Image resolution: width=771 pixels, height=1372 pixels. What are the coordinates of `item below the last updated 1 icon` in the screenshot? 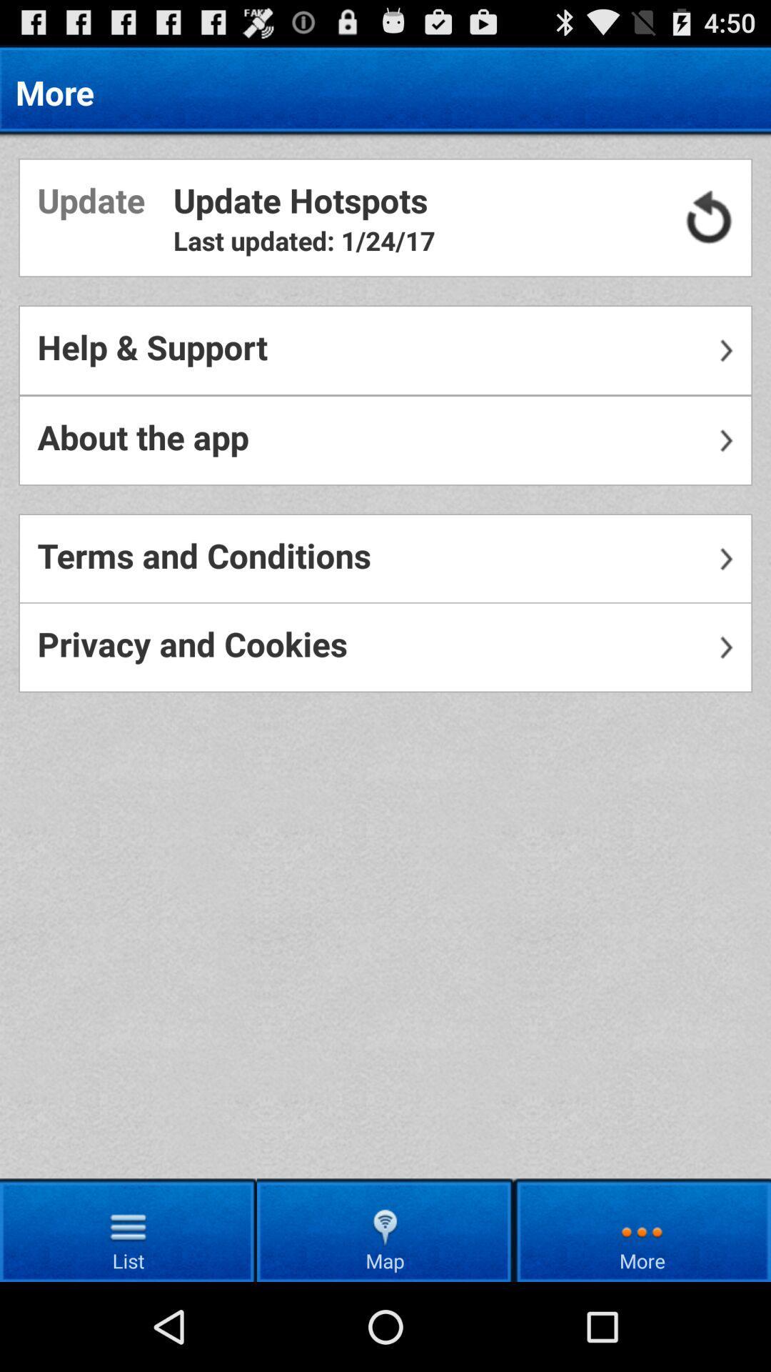 It's located at (385, 350).